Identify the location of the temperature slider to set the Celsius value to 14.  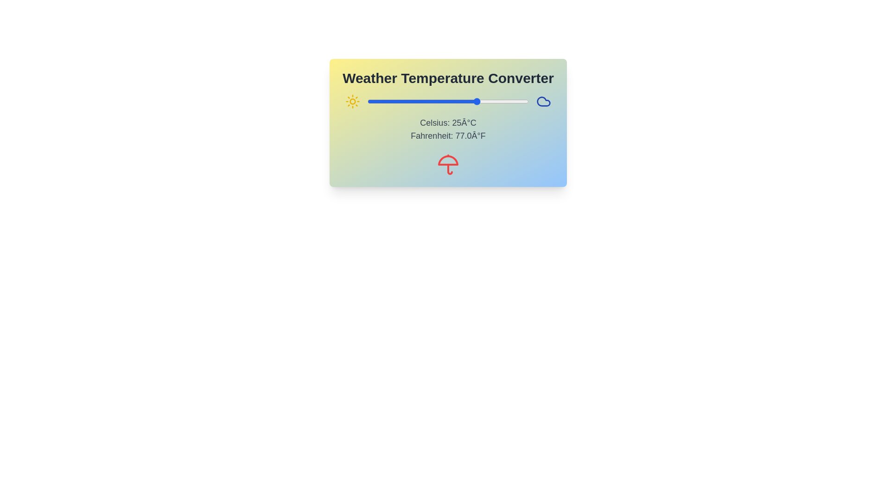
(456, 102).